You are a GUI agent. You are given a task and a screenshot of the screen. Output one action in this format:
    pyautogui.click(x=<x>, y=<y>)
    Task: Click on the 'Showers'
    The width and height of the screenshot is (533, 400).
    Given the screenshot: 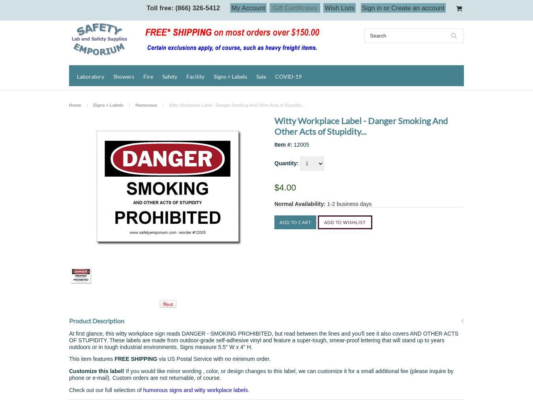 What is the action you would take?
    pyautogui.click(x=123, y=76)
    